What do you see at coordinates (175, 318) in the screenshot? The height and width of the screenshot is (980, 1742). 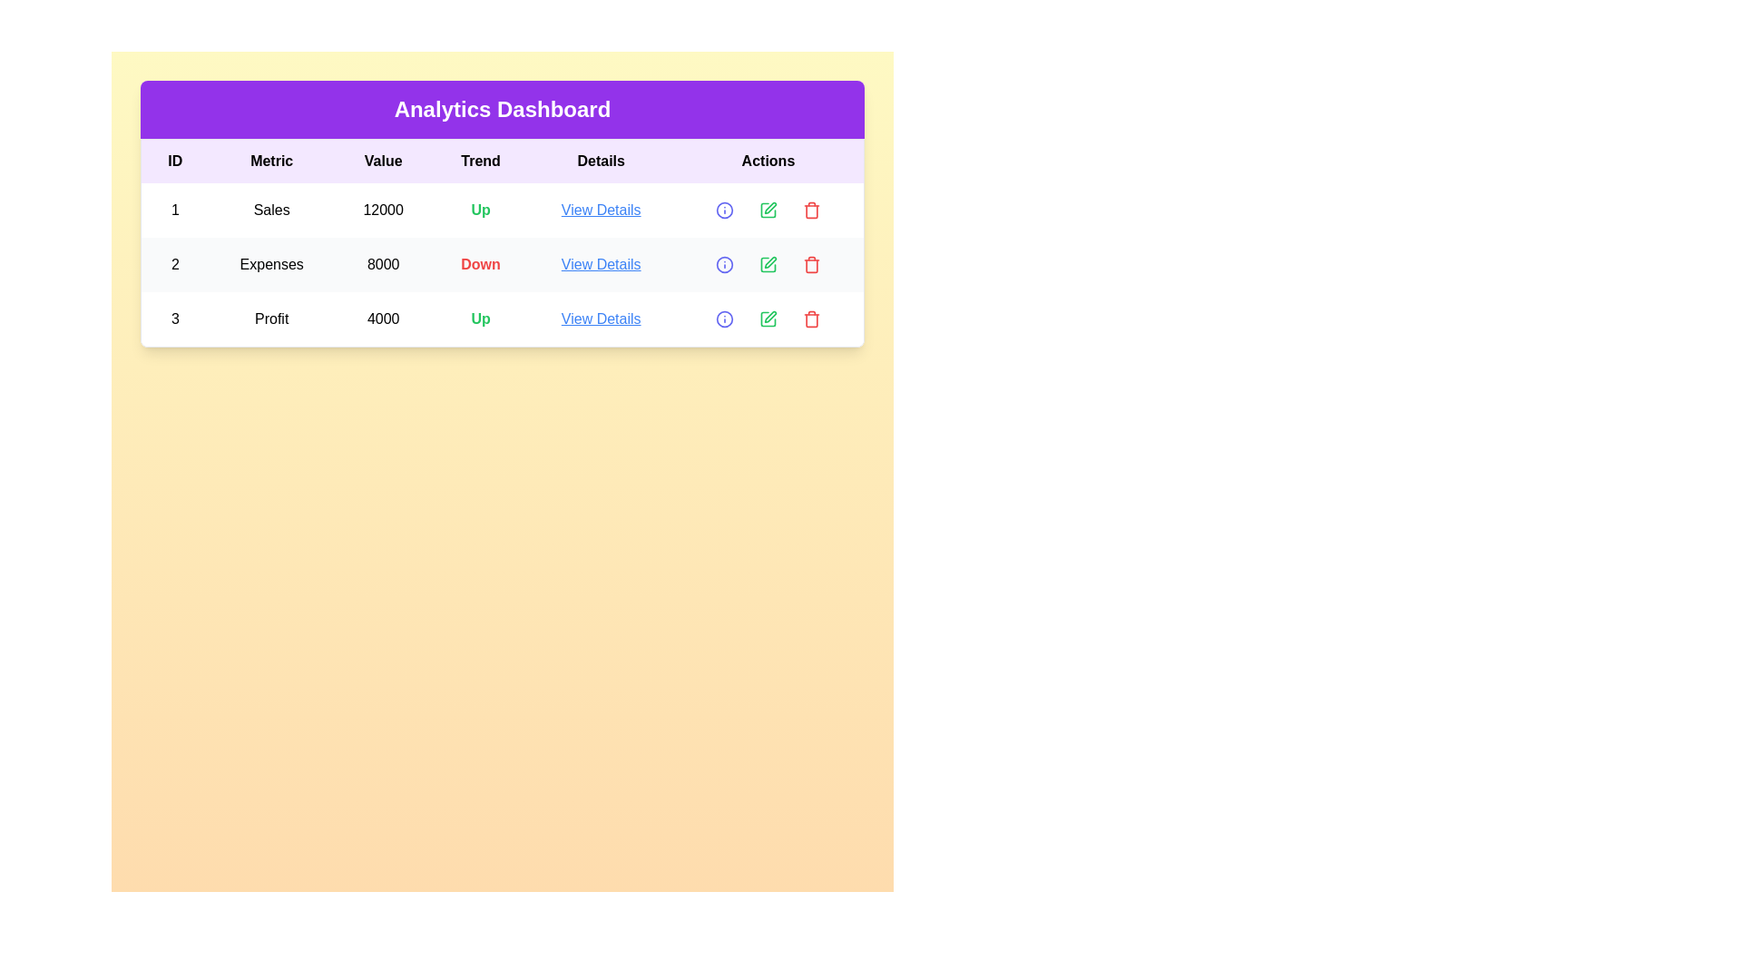 I see `the Table Cell that serves as a row identifier within the table, positioned in the leftmost column of the third row, directly to the left of the 'Profit' cell` at bounding box center [175, 318].